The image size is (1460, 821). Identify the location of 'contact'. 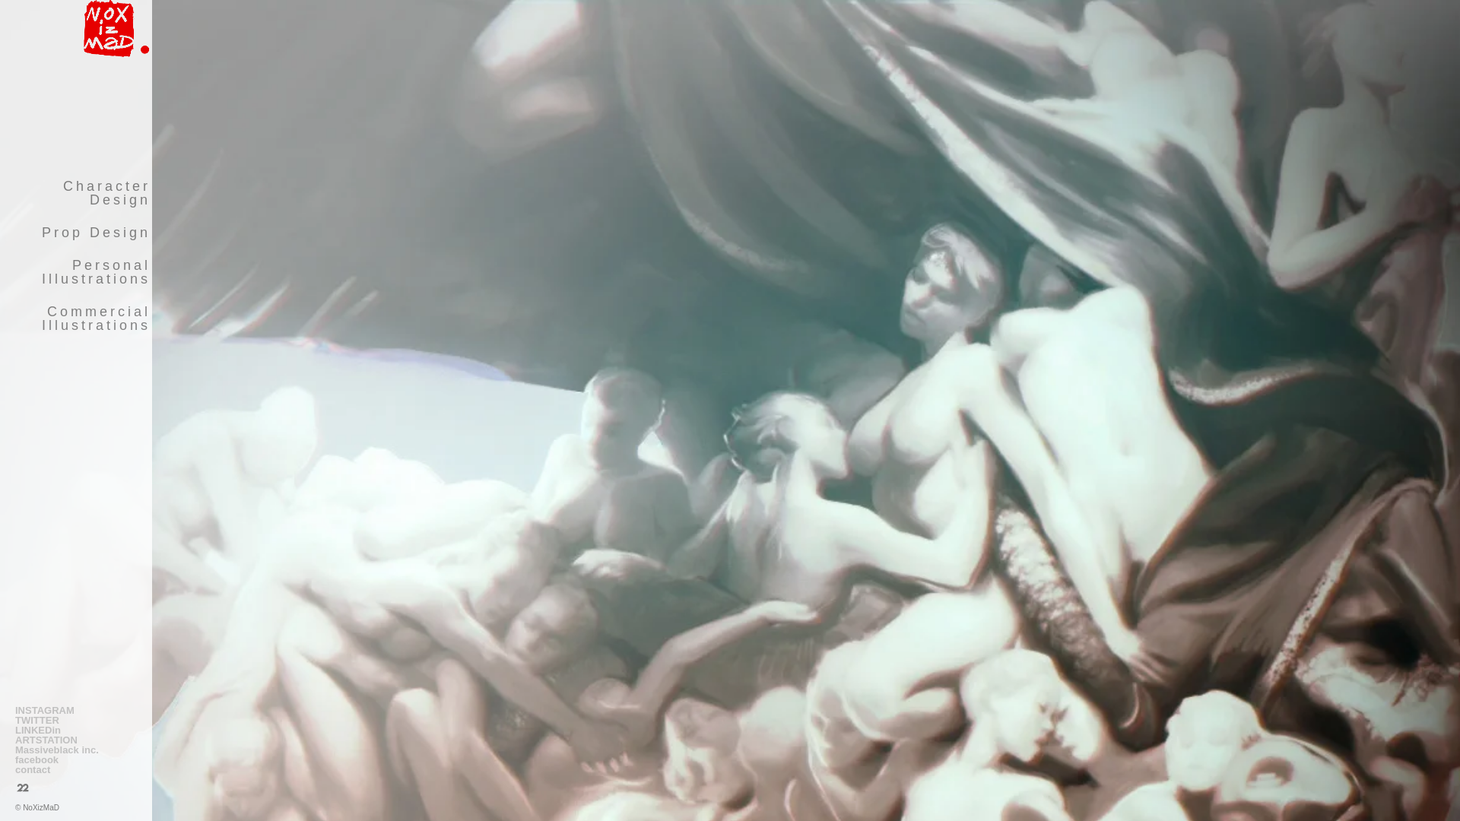
(75, 769).